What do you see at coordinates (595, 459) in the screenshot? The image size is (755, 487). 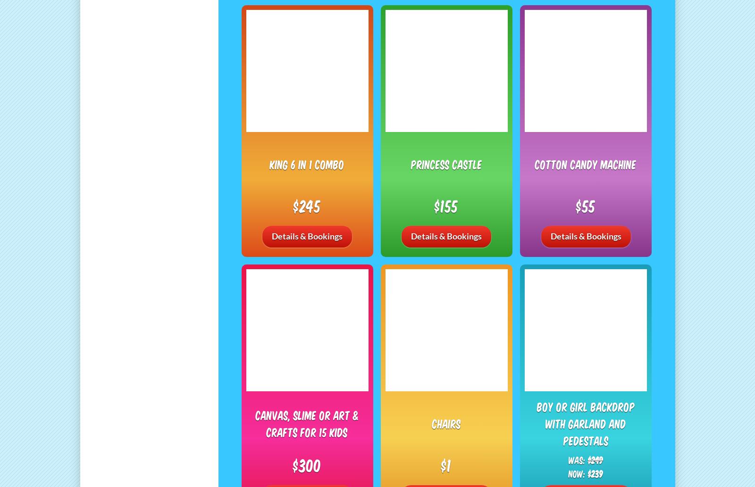 I see `'$249'` at bounding box center [595, 459].